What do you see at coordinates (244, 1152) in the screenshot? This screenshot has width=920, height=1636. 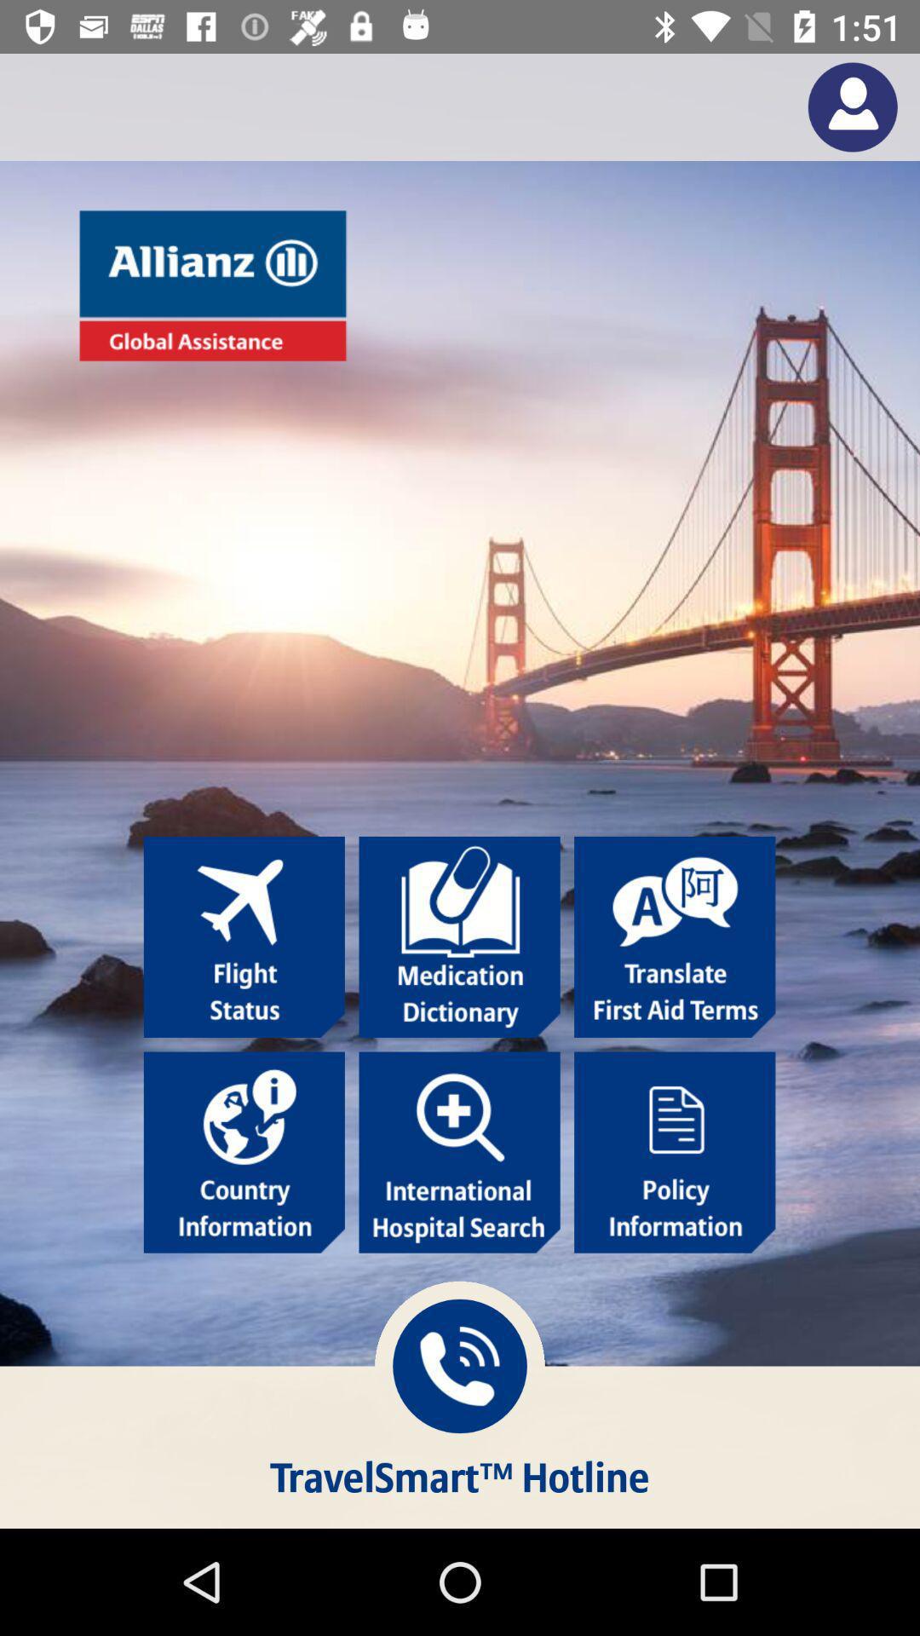 I see `country information` at bounding box center [244, 1152].